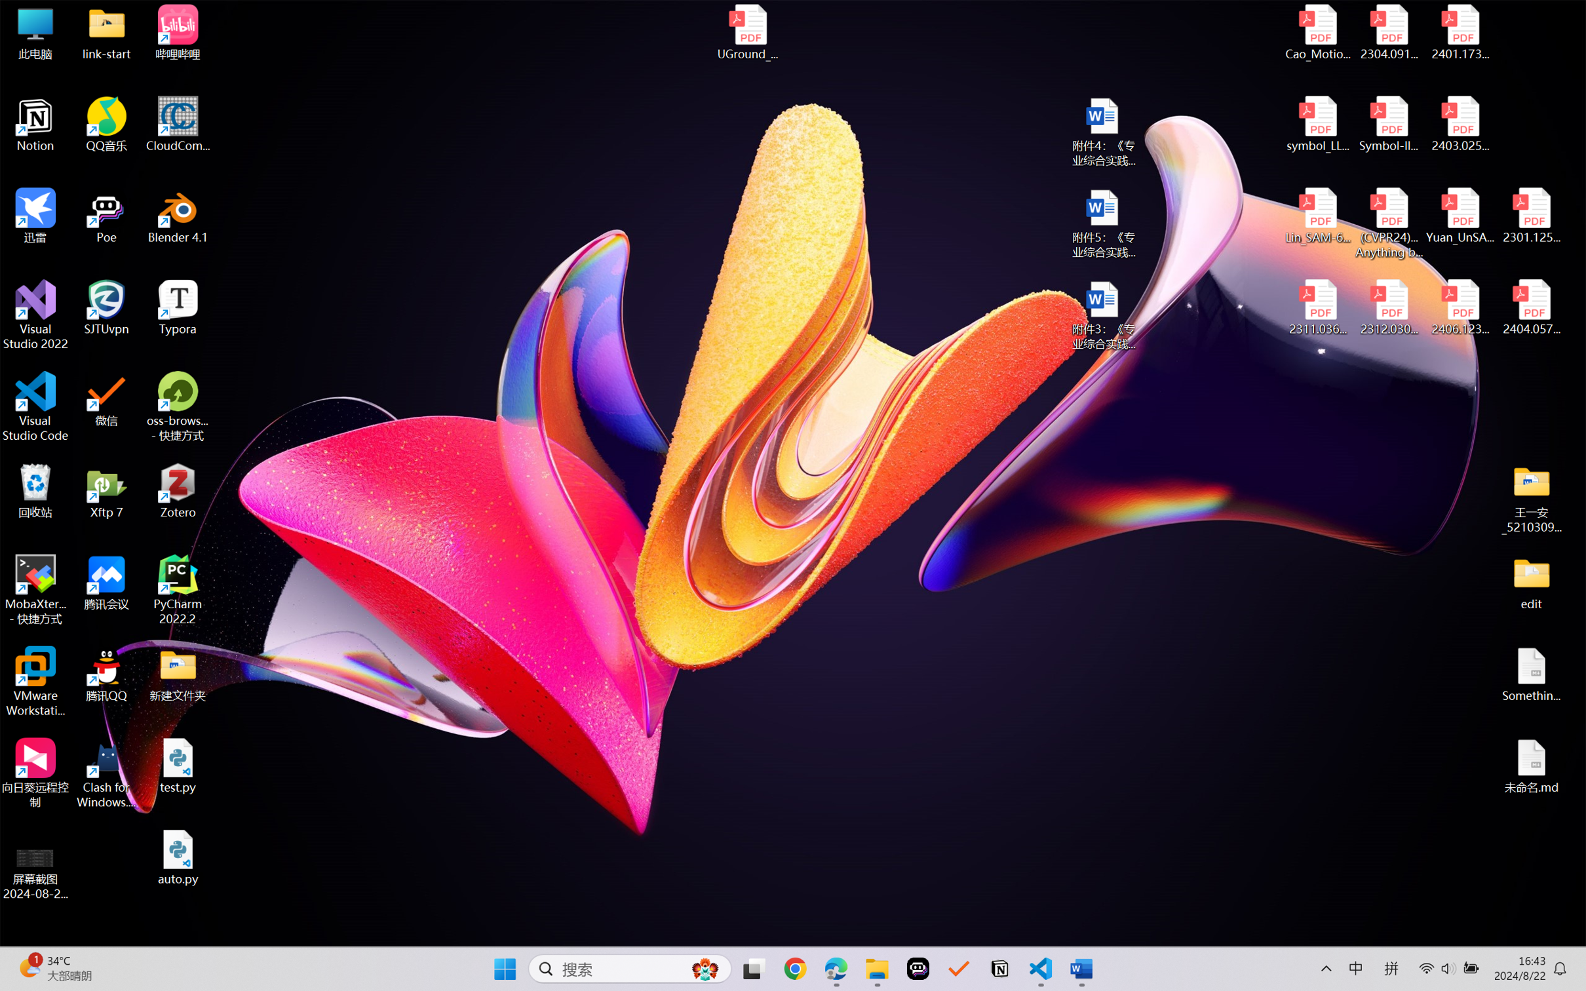 The height and width of the screenshot is (991, 1586). What do you see at coordinates (795, 969) in the screenshot?
I see `'Google Chrome'` at bounding box center [795, 969].